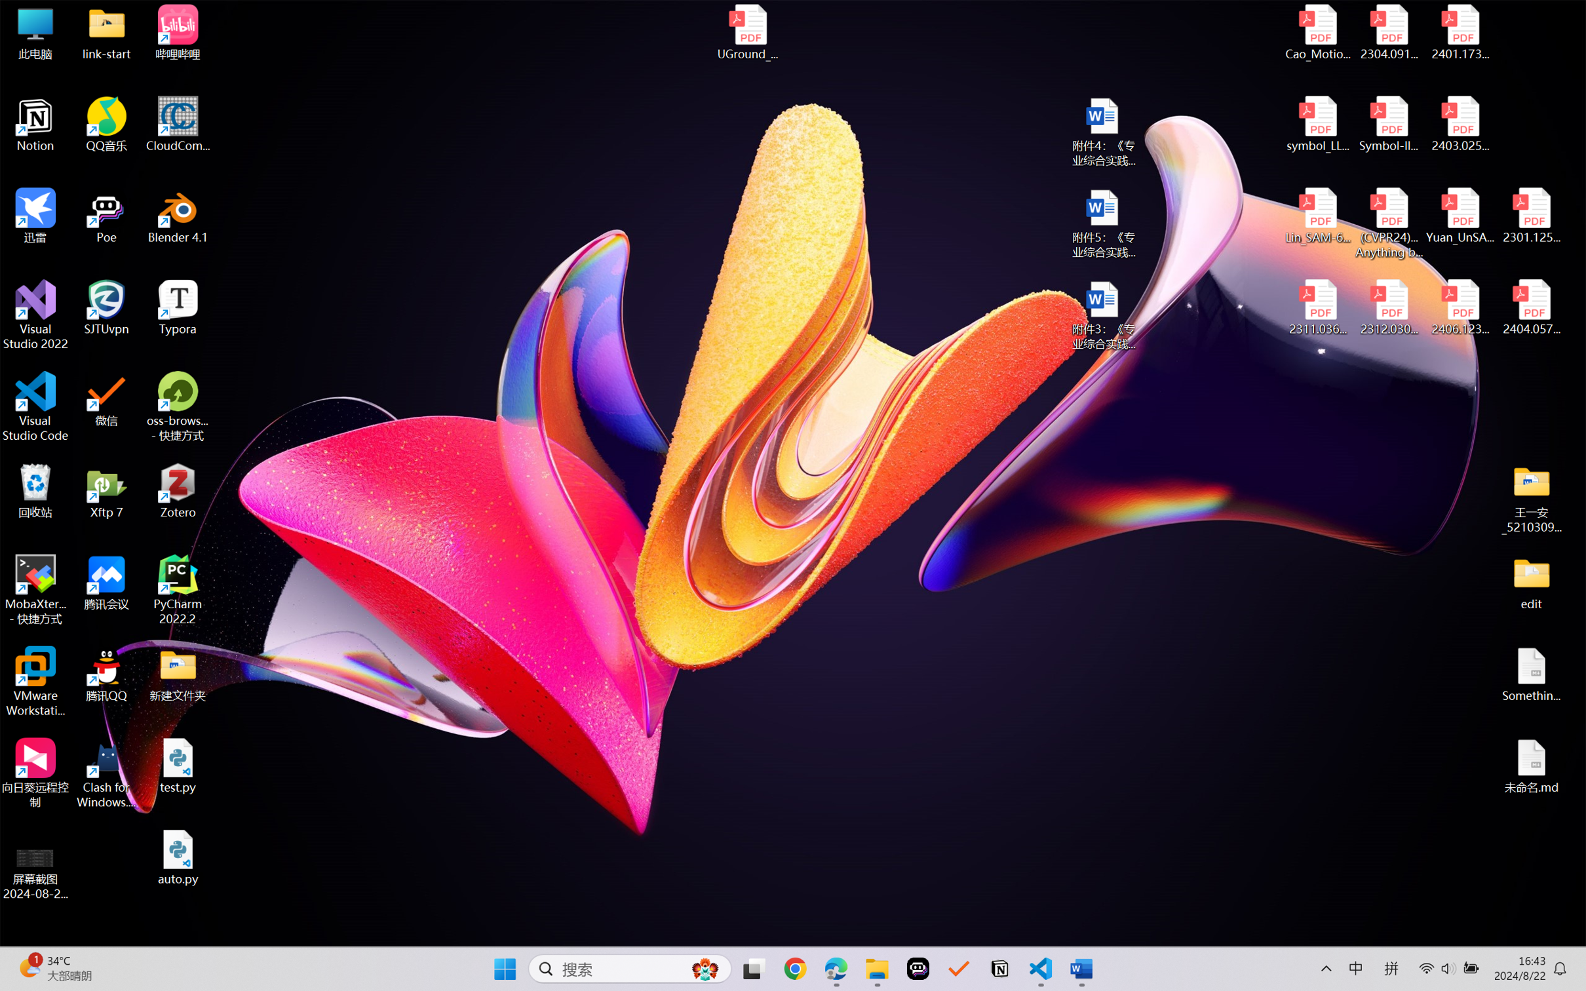 The height and width of the screenshot is (991, 1586). What do you see at coordinates (795, 969) in the screenshot?
I see `'Google Chrome'` at bounding box center [795, 969].